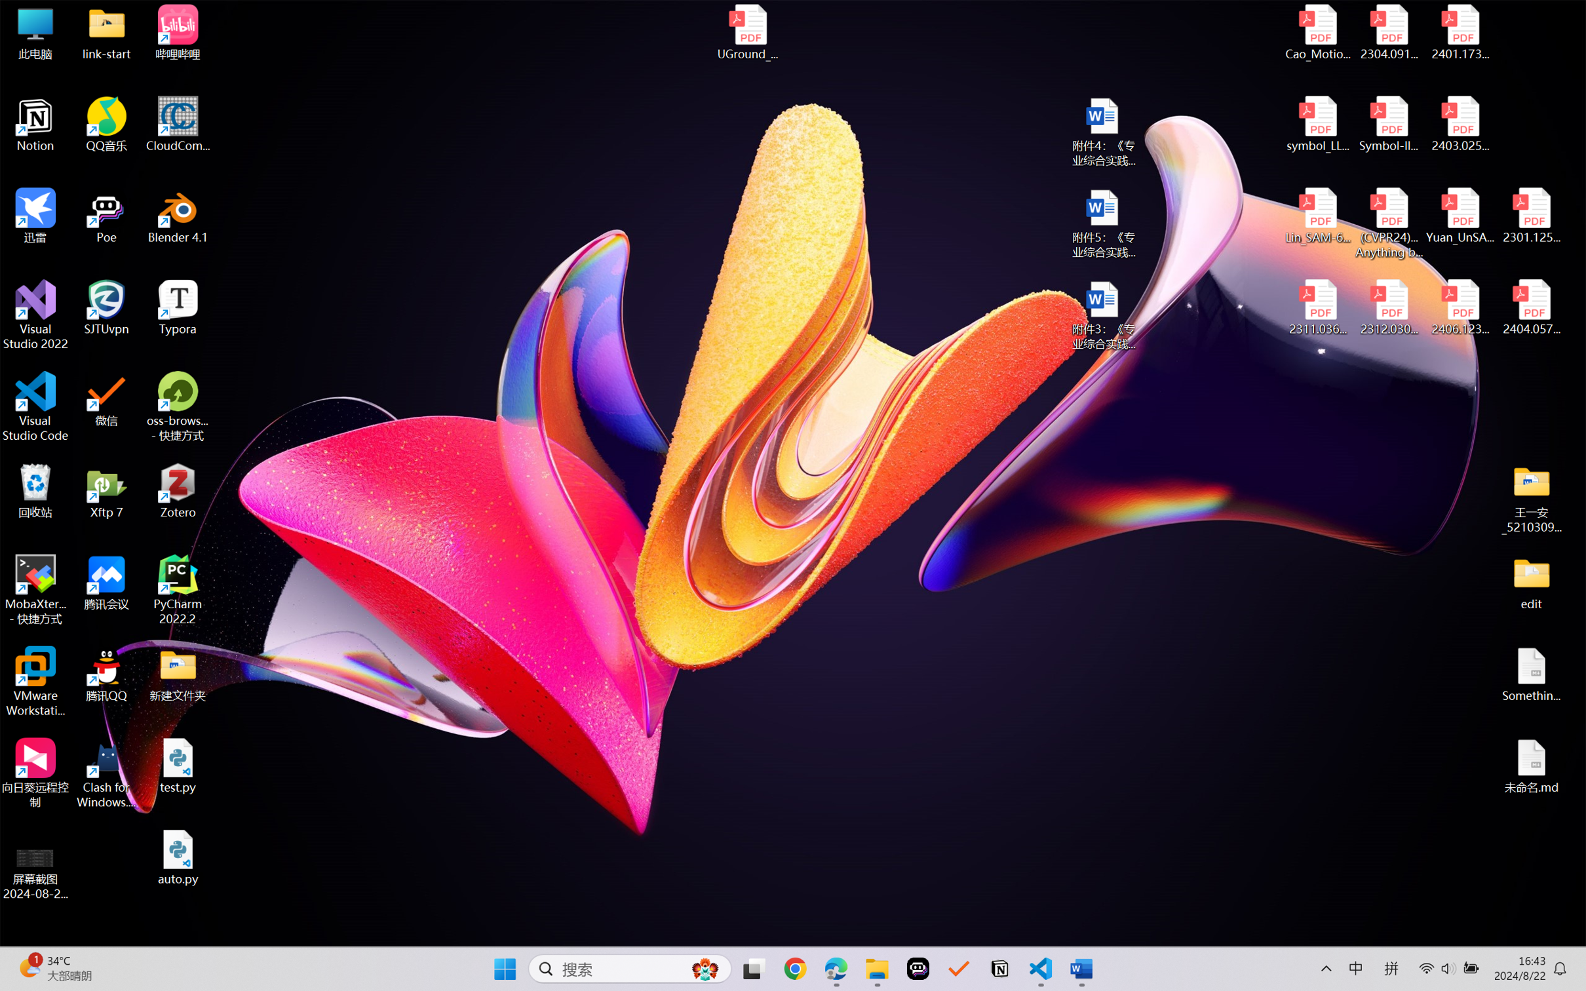 The height and width of the screenshot is (991, 1586). What do you see at coordinates (795, 969) in the screenshot?
I see `'Google Chrome'` at bounding box center [795, 969].